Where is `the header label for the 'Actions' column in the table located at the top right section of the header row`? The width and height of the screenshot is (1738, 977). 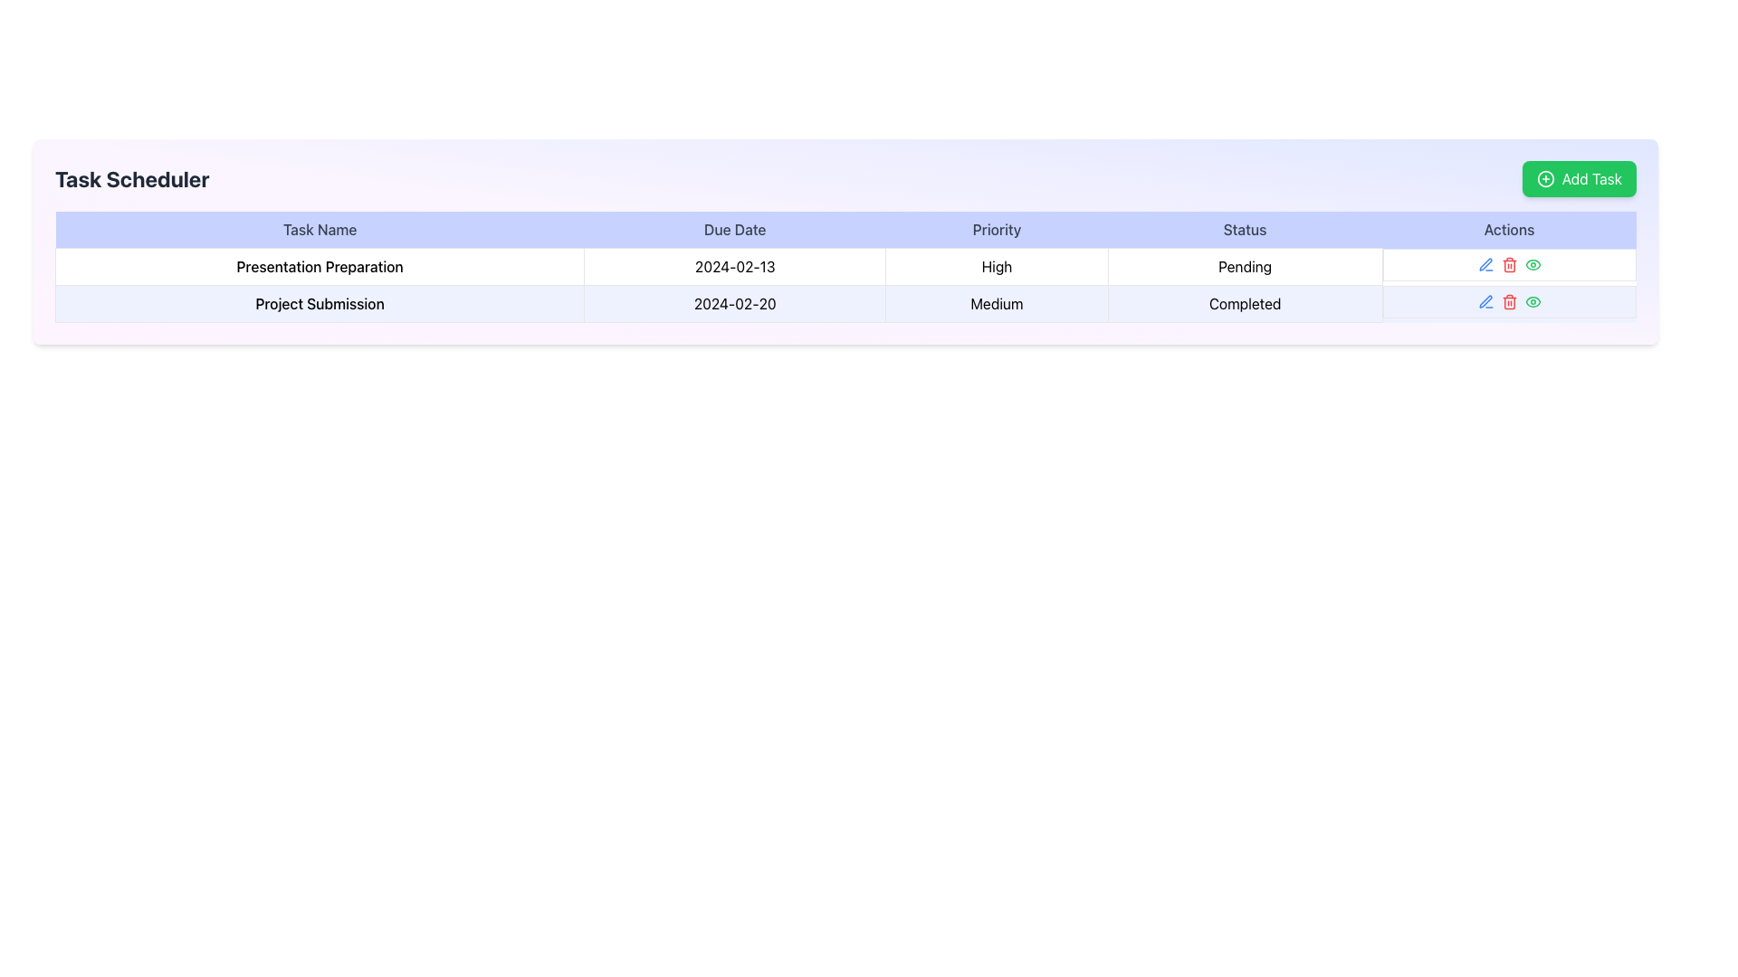
the header label for the 'Actions' column in the table located at the top right section of the header row is located at coordinates (1509, 229).